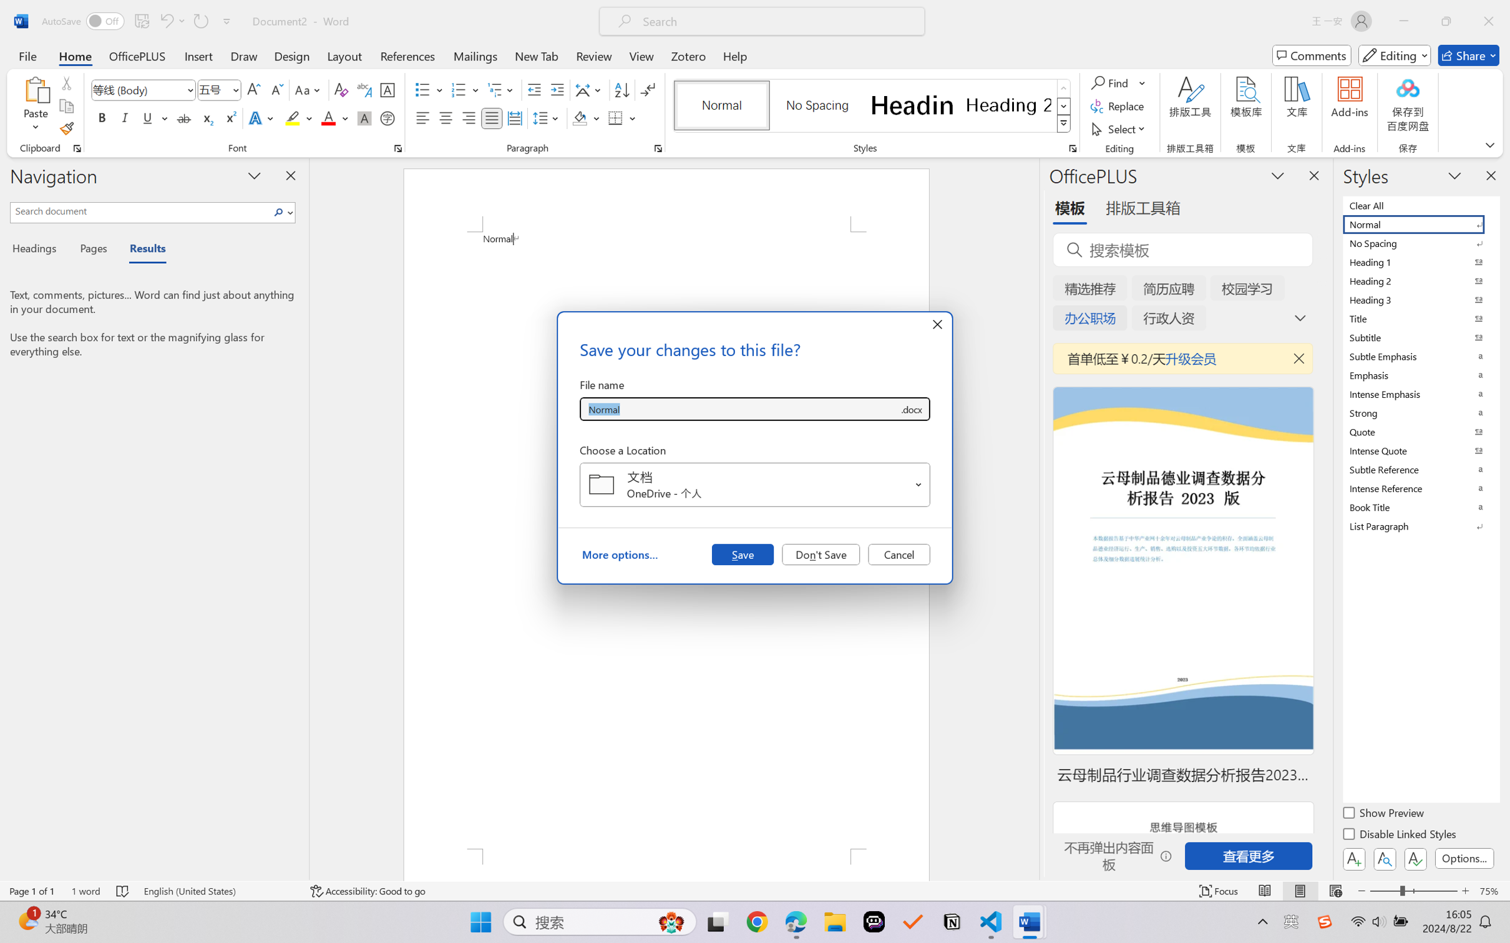  What do you see at coordinates (219, 90) in the screenshot?
I see `'Font Size'` at bounding box center [219, 90].